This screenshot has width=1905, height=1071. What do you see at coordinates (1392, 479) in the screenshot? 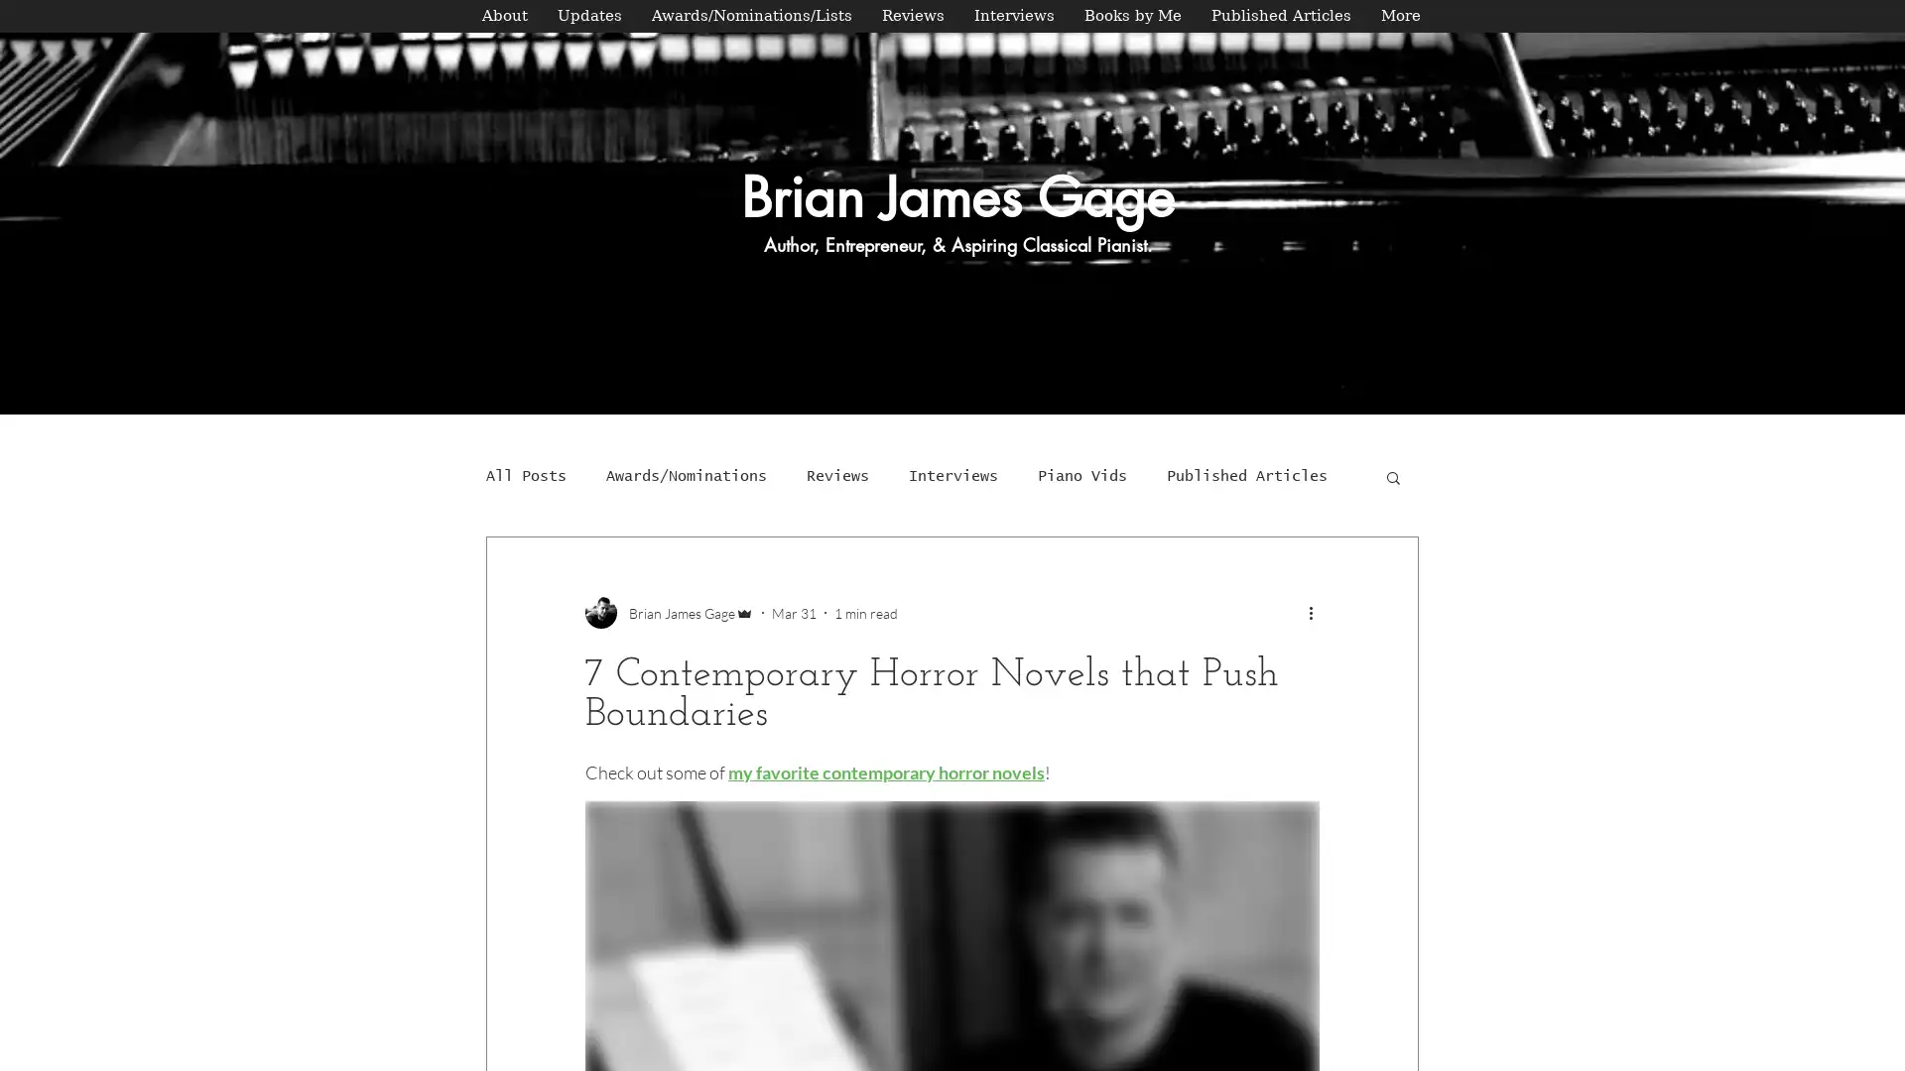
I see `Search` at bounding box center [1392, 479].